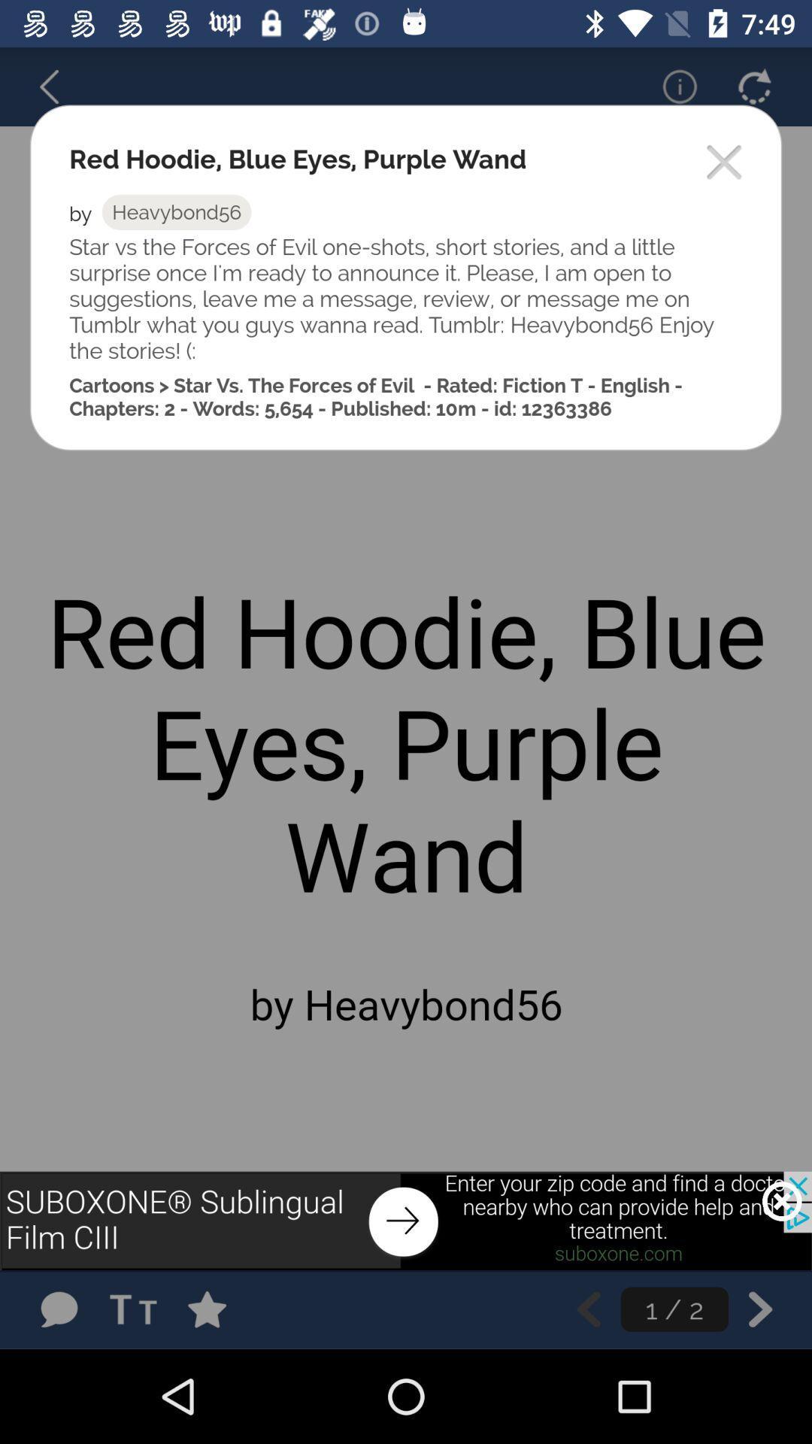 The height and width of the screenshot is (1444, 812). I want to click on the refresh icon, so click(754, 86).